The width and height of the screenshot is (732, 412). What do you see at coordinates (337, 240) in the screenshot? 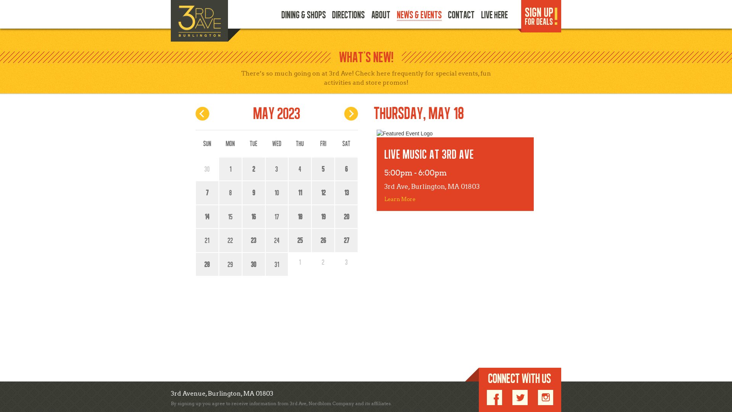
I see `'27'` at bounding box center [337, 240].